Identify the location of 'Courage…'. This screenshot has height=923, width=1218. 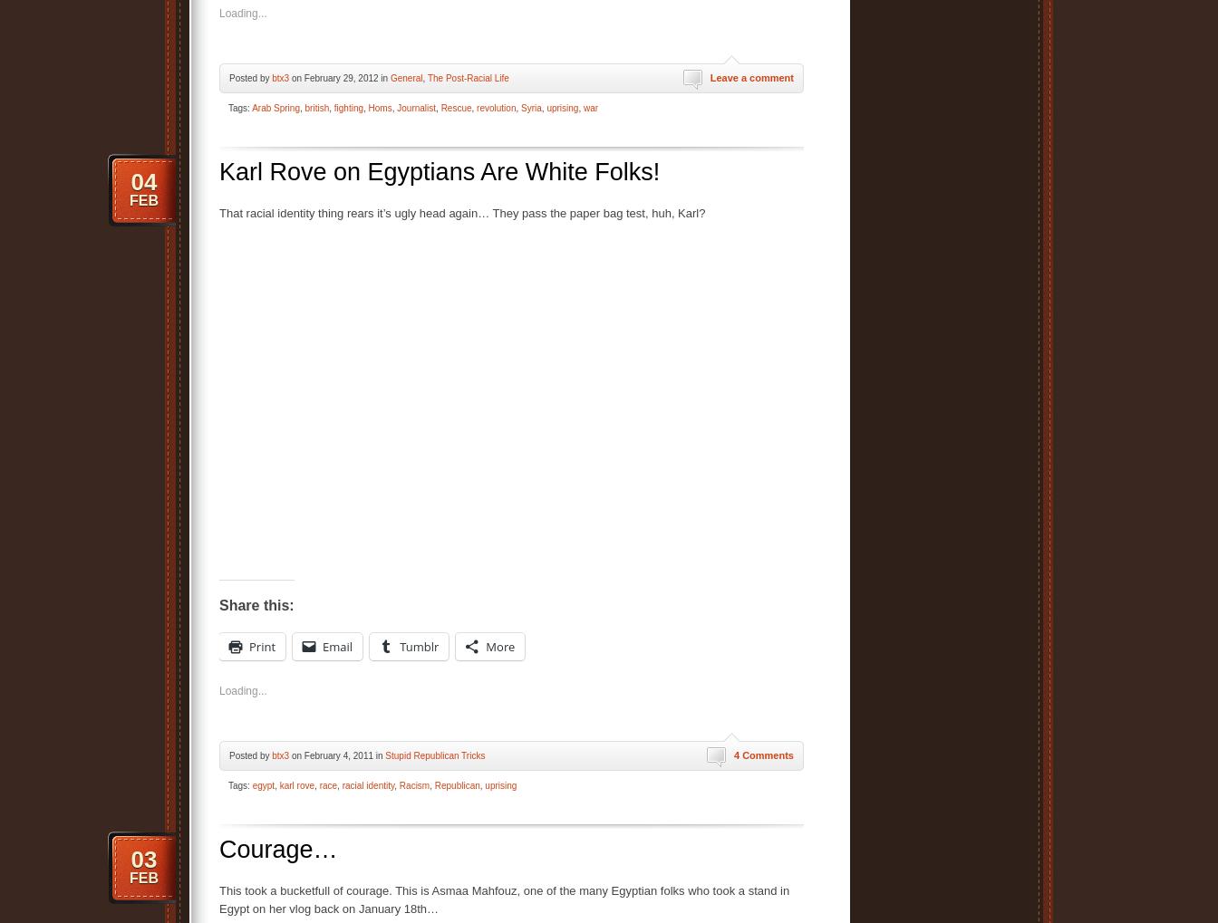
(277, 848).